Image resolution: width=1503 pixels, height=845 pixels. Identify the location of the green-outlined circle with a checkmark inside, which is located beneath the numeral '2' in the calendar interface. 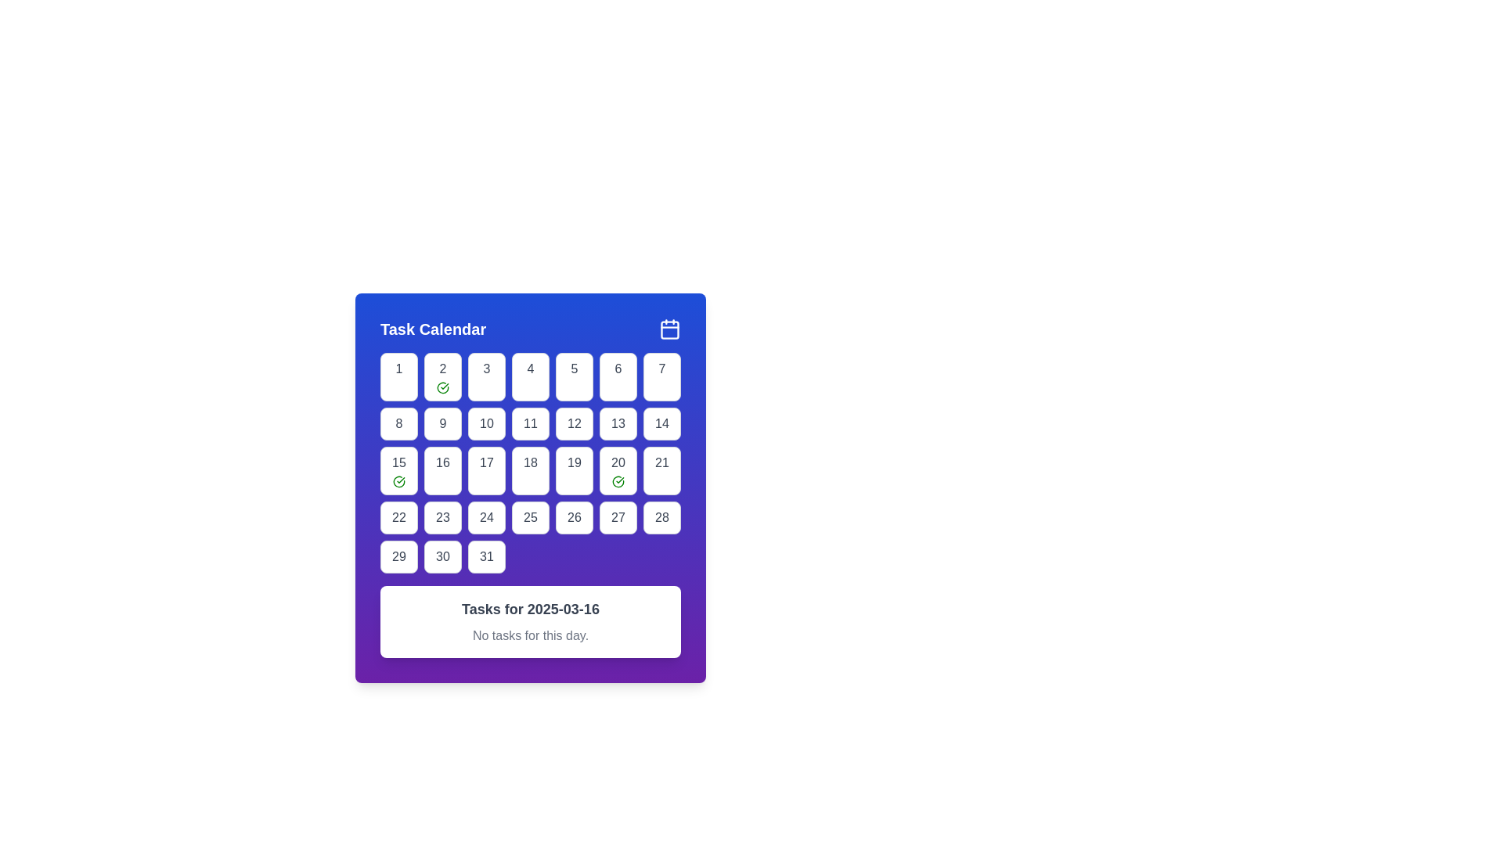
(442, 387).